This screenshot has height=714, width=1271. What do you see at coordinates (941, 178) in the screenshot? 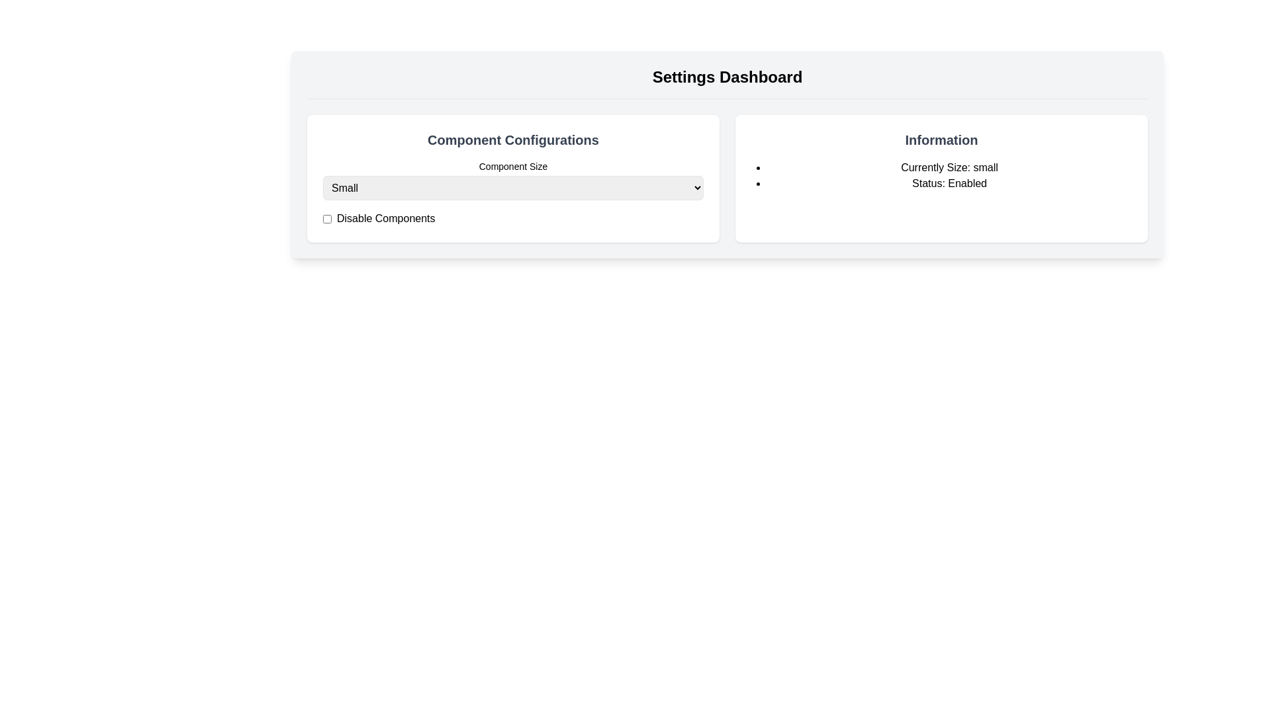
I see `the informational card that displays the title 'Information' in bold and lists the current size and status` at bounding box center [941, 178].